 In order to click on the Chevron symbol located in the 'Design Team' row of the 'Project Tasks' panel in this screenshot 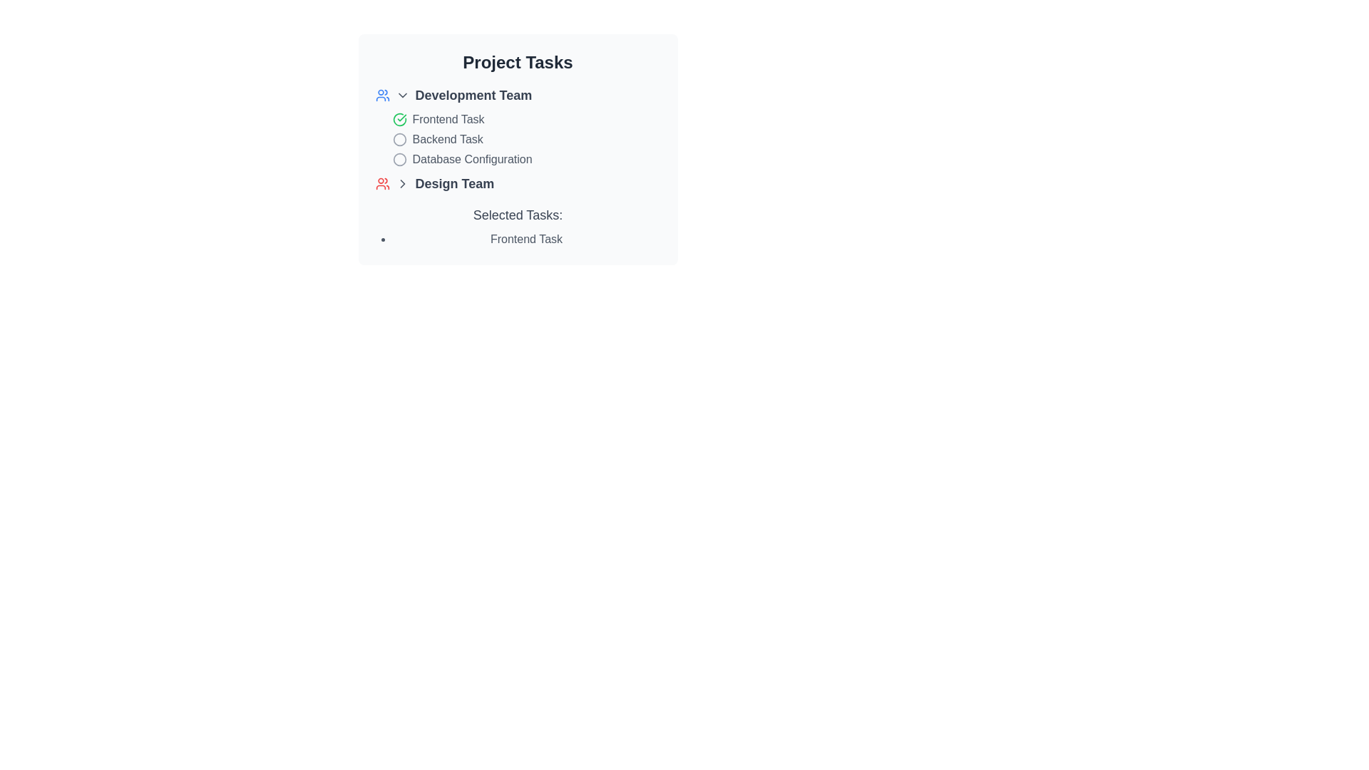, I will do `click(401, 183)`.